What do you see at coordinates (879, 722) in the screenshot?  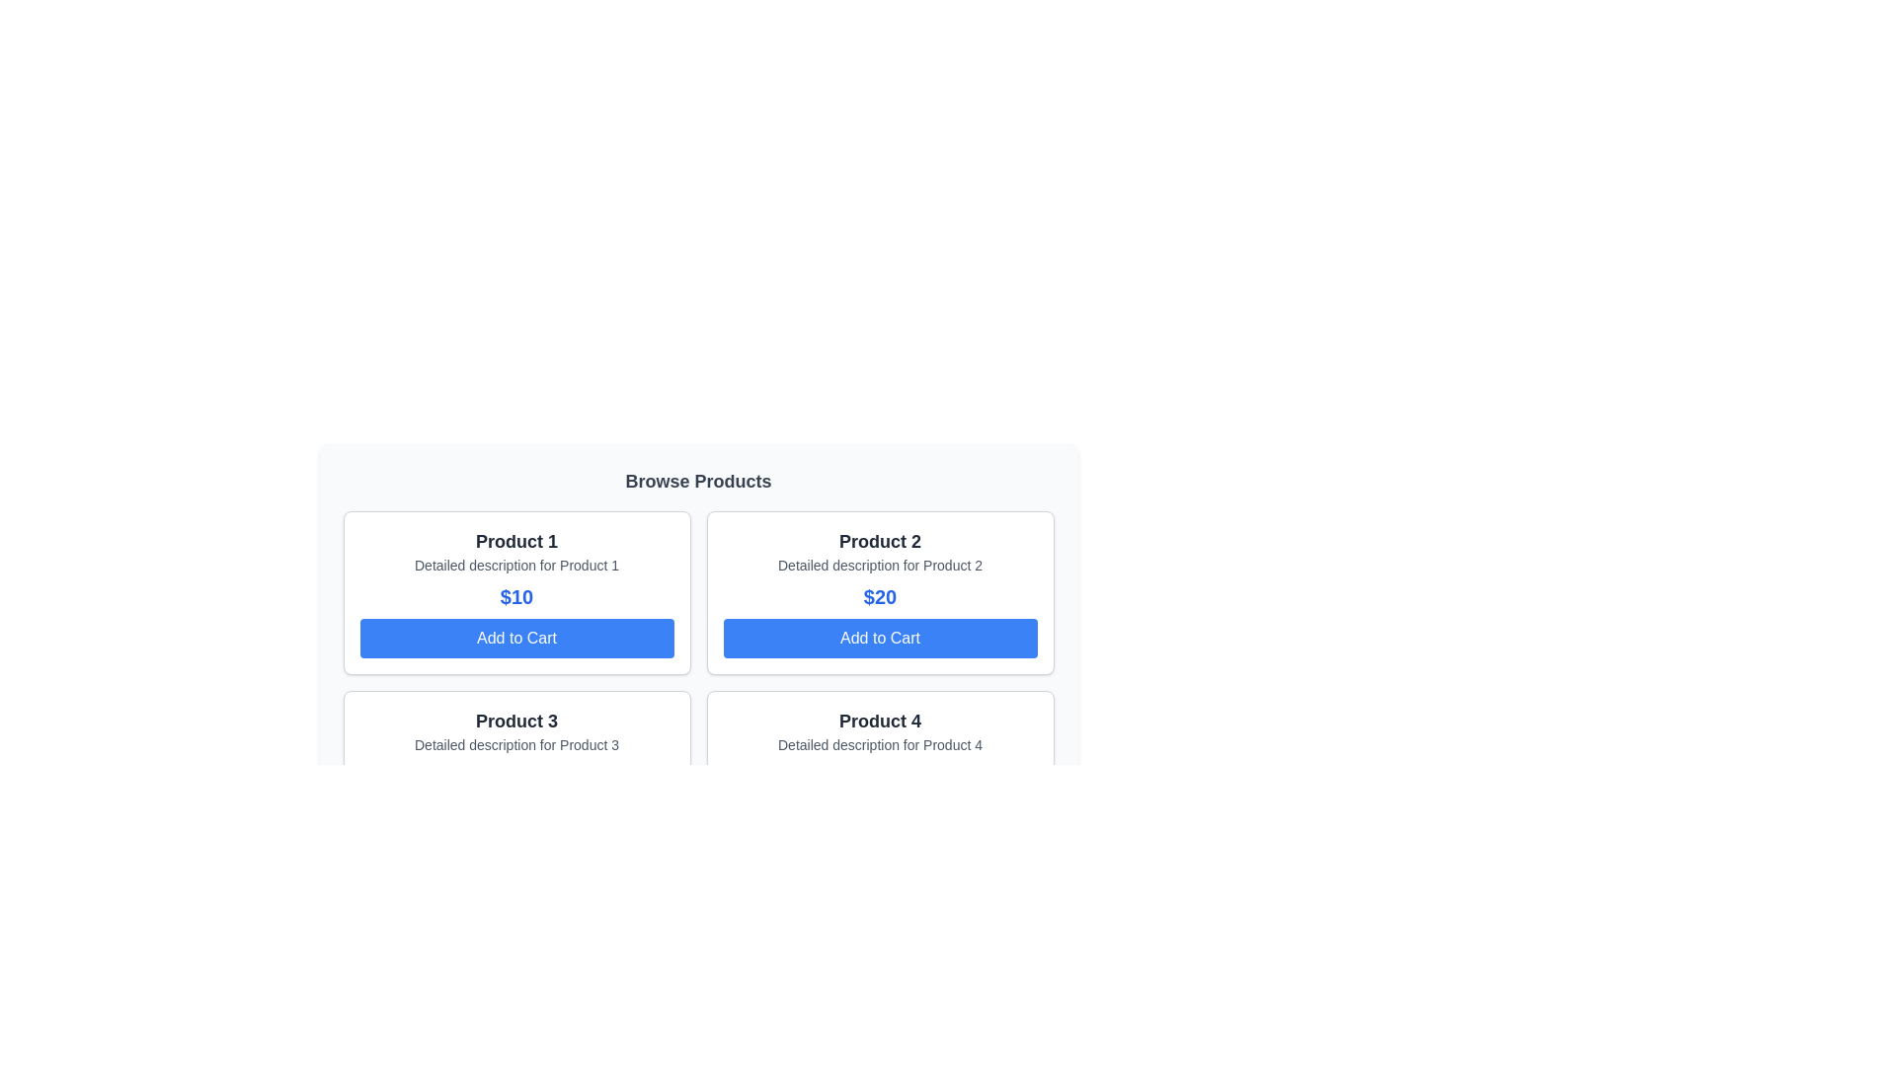 I see `title text label 'Product 4' located at the center of the product card in the bottom-right corner of the grid layout` at bounding box center [879, 722].